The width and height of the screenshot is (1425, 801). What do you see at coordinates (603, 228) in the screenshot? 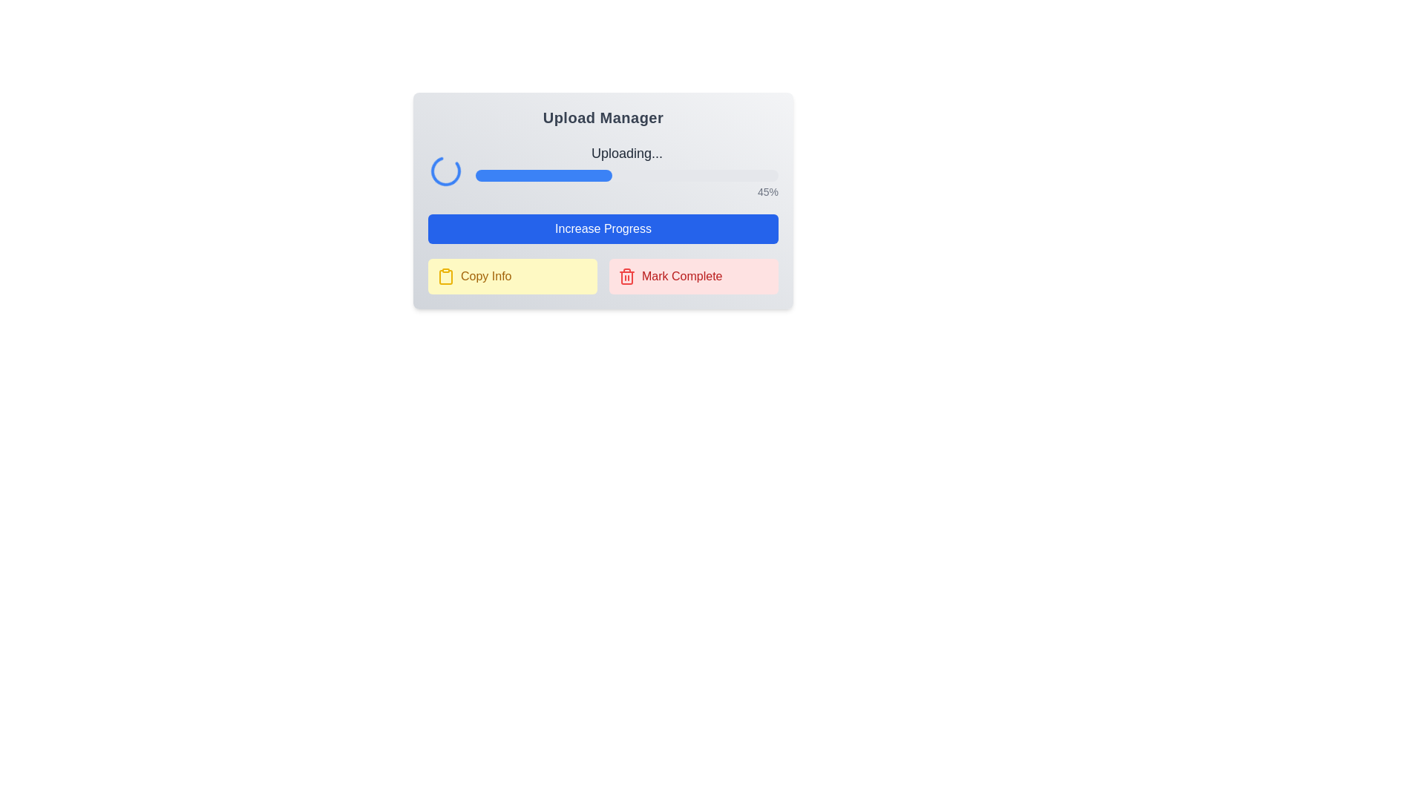
I see `the blue button labeled 'Increase Progress'` at bounding box center [603, 228].